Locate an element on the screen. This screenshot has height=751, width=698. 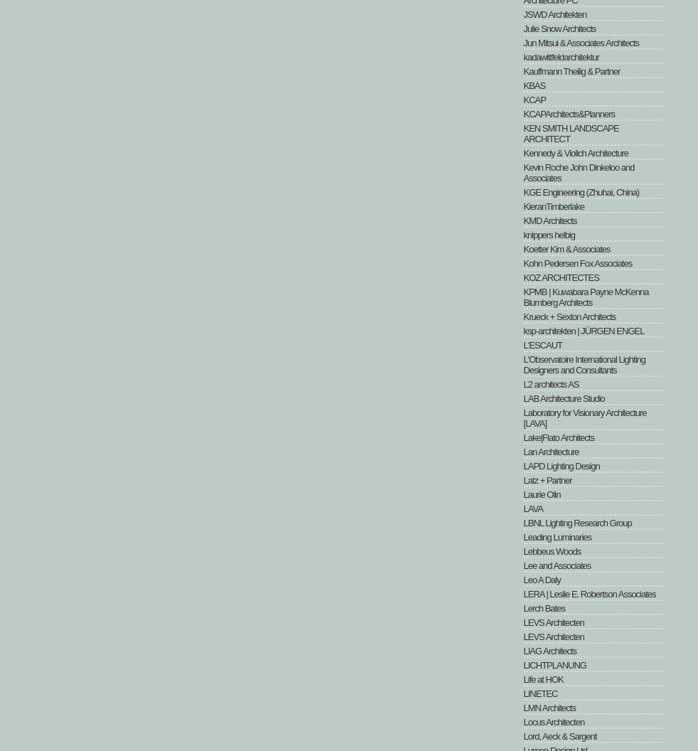
'L'Observatoire International Lighting Designers and Consultants' is located at coordinates (584, 364).